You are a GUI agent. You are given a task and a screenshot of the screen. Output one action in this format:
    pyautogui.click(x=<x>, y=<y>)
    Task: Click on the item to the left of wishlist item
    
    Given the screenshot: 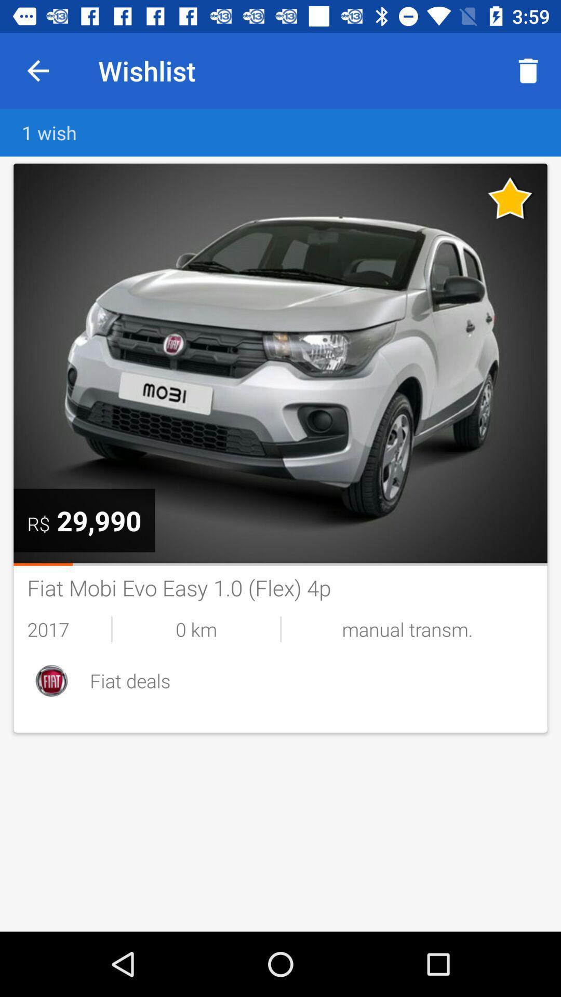 What is the action you would take?
    pyautogui.click(x=37, y=70)
    